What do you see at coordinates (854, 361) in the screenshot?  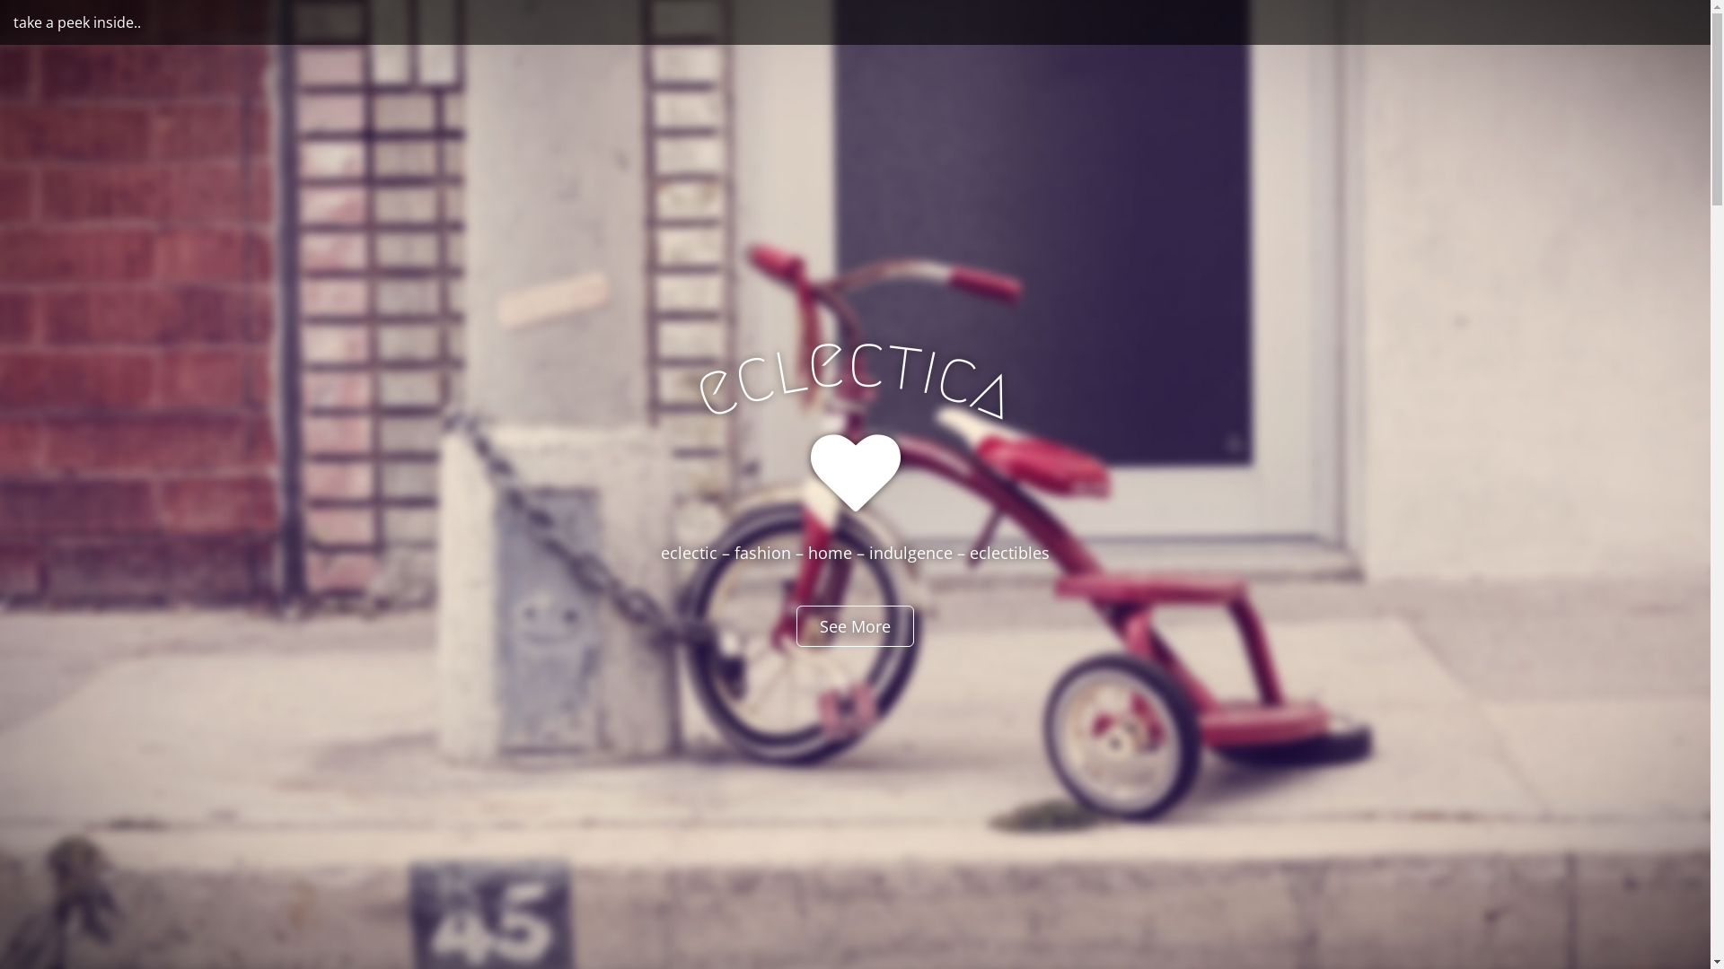 I see `'eclectica'` at bounding box center [854, 361].